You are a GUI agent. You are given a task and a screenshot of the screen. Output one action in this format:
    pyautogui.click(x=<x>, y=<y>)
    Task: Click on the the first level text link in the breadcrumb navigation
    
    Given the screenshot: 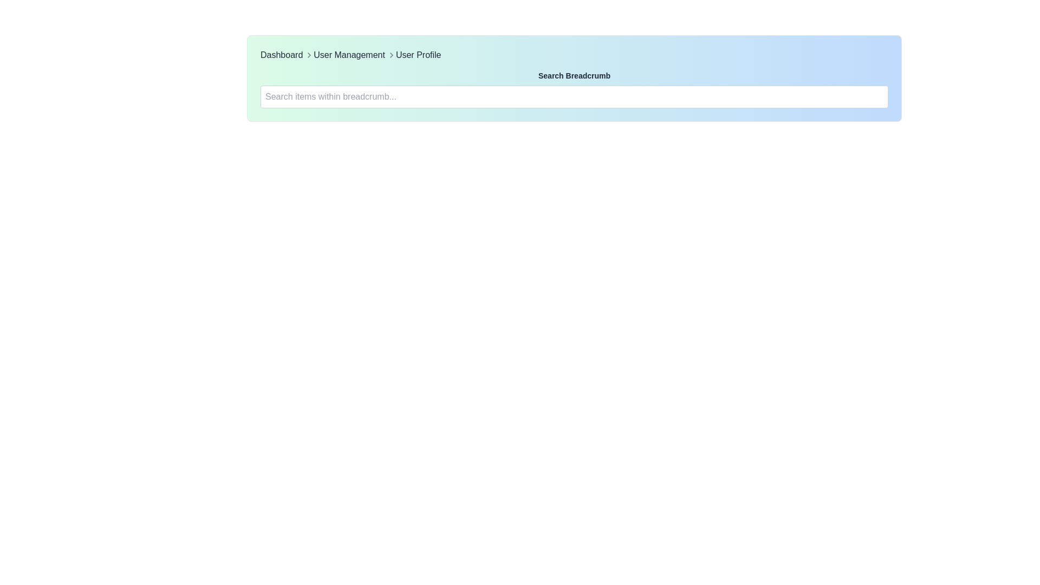 What is the action you would take?
    pyautogui.click(x=287, y=55)
    